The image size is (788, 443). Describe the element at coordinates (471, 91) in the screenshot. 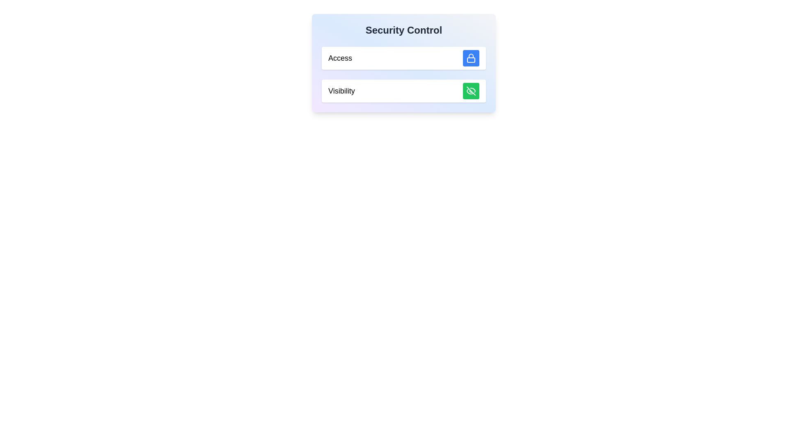

I see `the small rectangular green button with a white eye icon and strikethrough, located on the far right of the 'Visibility' section in the 'Security Control' panel` at that location.